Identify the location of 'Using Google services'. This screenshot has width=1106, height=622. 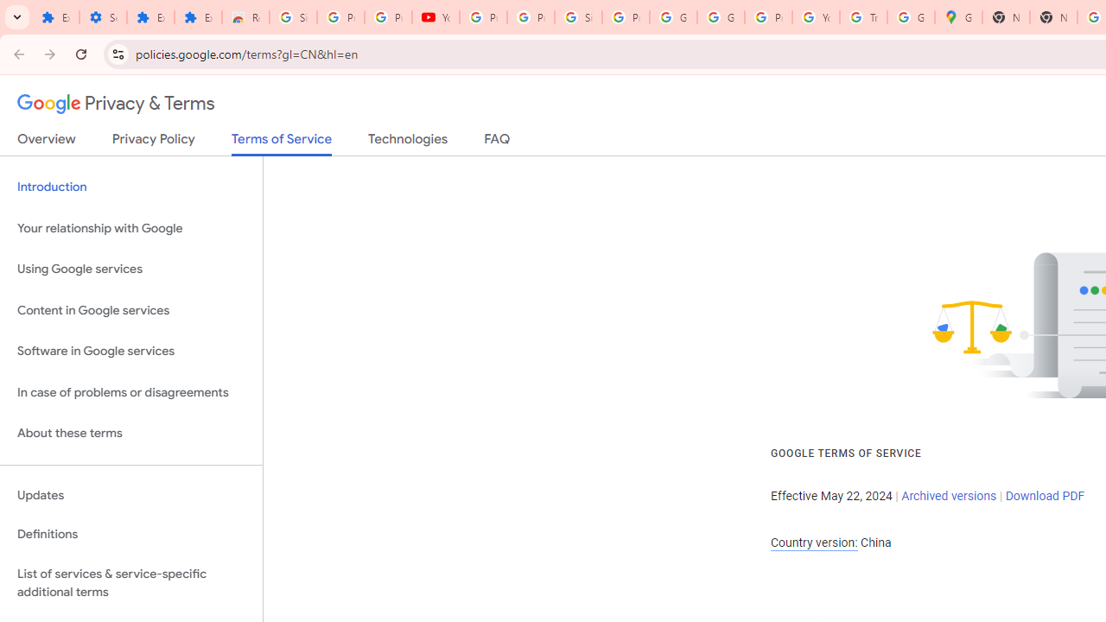
(130, 270).